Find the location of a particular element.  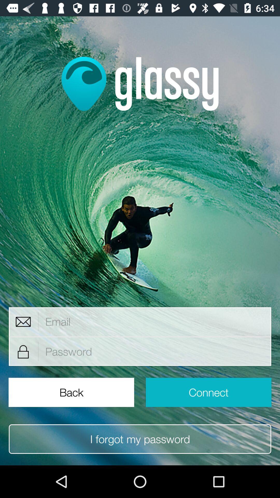

the item to the right of back icon is located at coordinates (208, 392).